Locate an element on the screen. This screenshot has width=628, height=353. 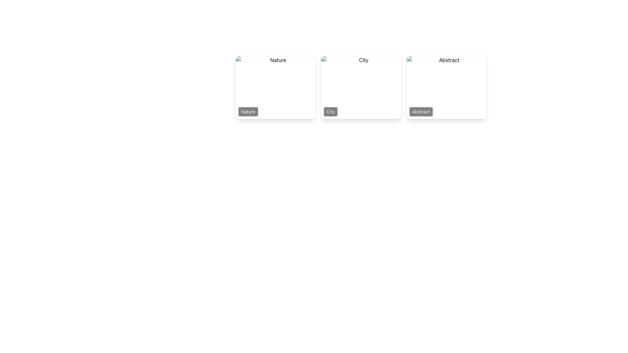
the card labeled 'City' which is the second card in a grid layout between 'Nature' and 'Abstract' is located at coordinates (361, 87).